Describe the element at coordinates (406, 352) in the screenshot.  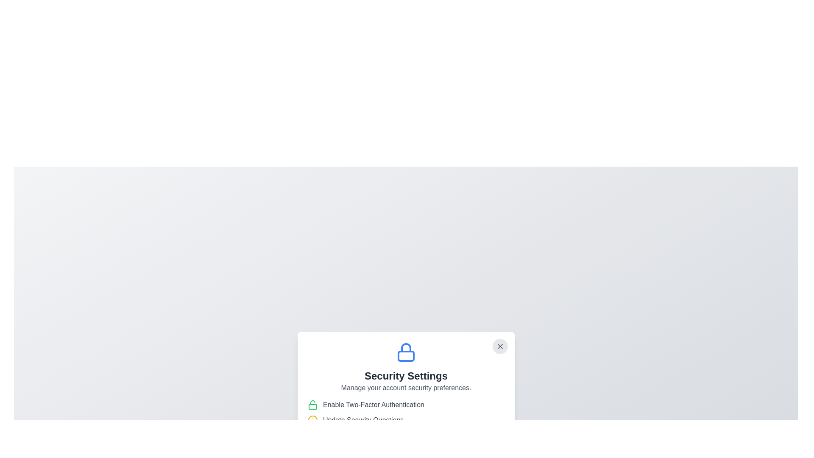
I see `the blue lock-shaped icon with a hollow design located at the top center of the modal dialog above the 'Security Settings' text` at that location.